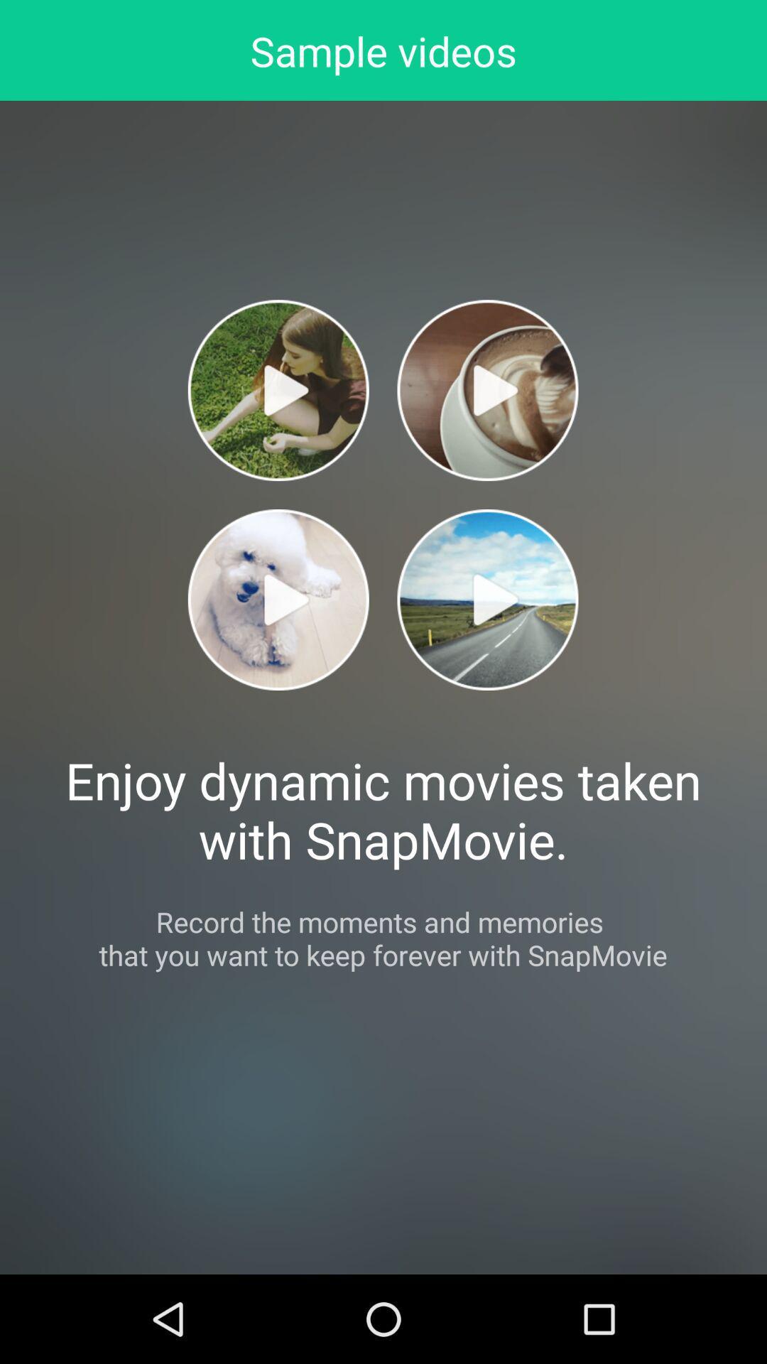 The height and width of the screenshot is (1364, 767). Describe the element at coordinates (278, 600) in the screenshot. I see `this video` at that location.